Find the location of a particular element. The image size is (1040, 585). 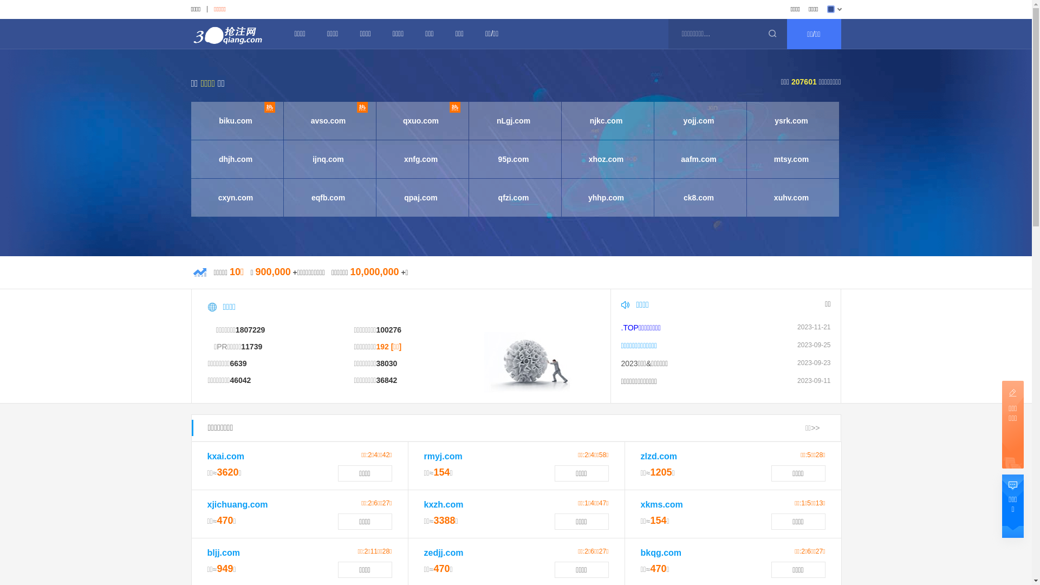

'dhjh.com' is located at coordinates (235, 159).